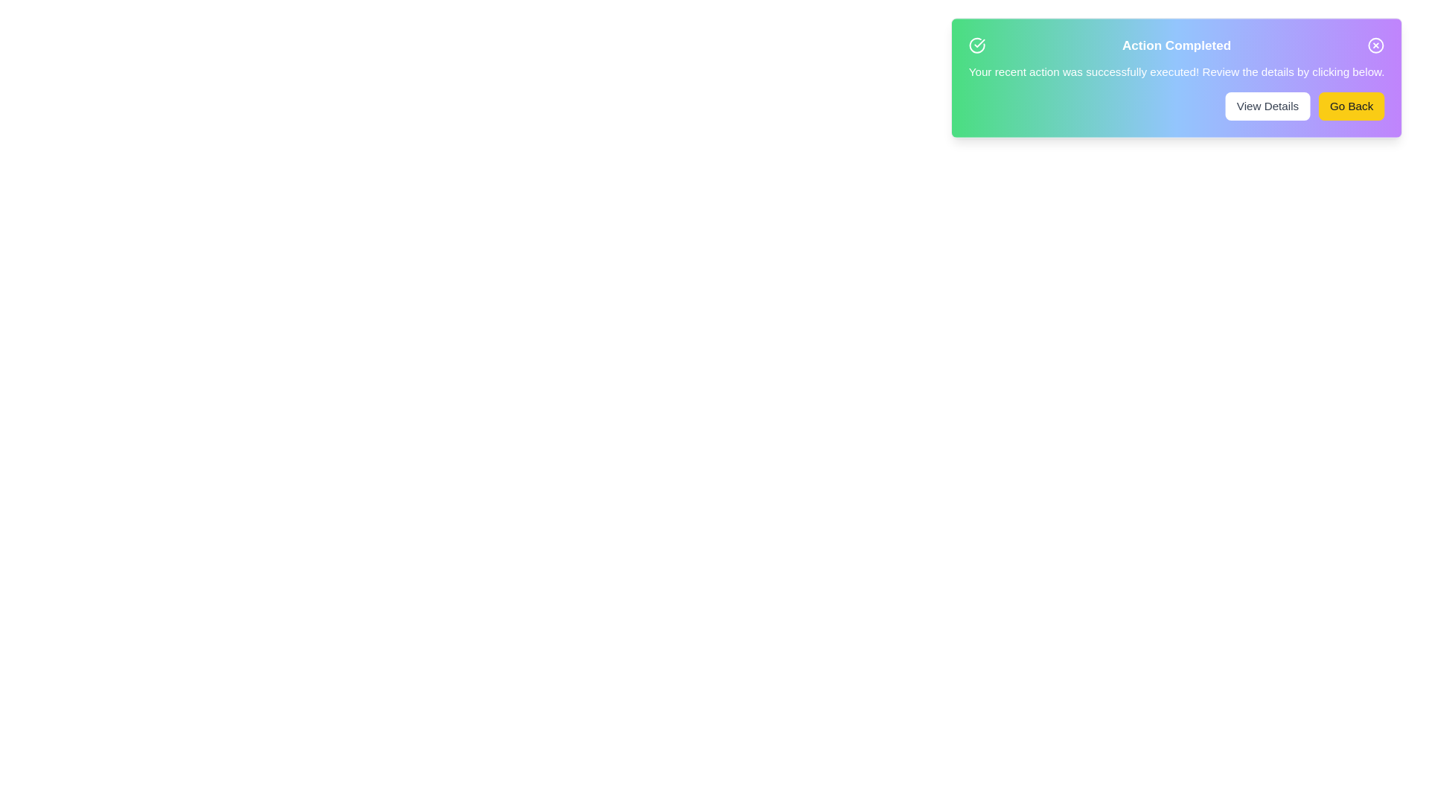  What do you see at coordinates (1375, 45) in the screenshot?
I see `the close button to dismiss the alert` at bounding box center [1375, 45].